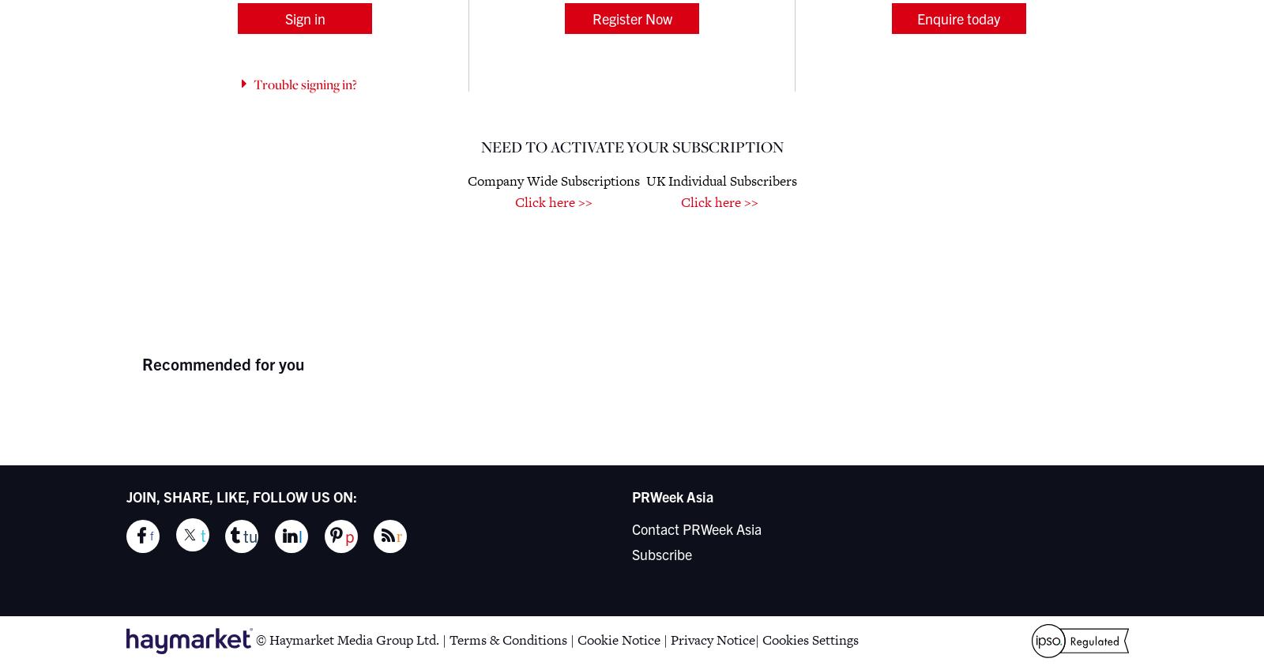  I want to click on 'r', so click(397, 535).